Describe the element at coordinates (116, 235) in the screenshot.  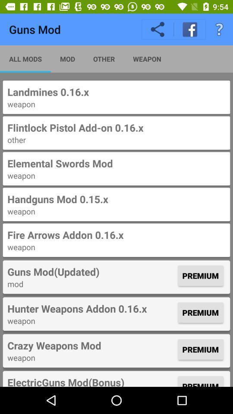
I see `the item above weapon item` at that location.